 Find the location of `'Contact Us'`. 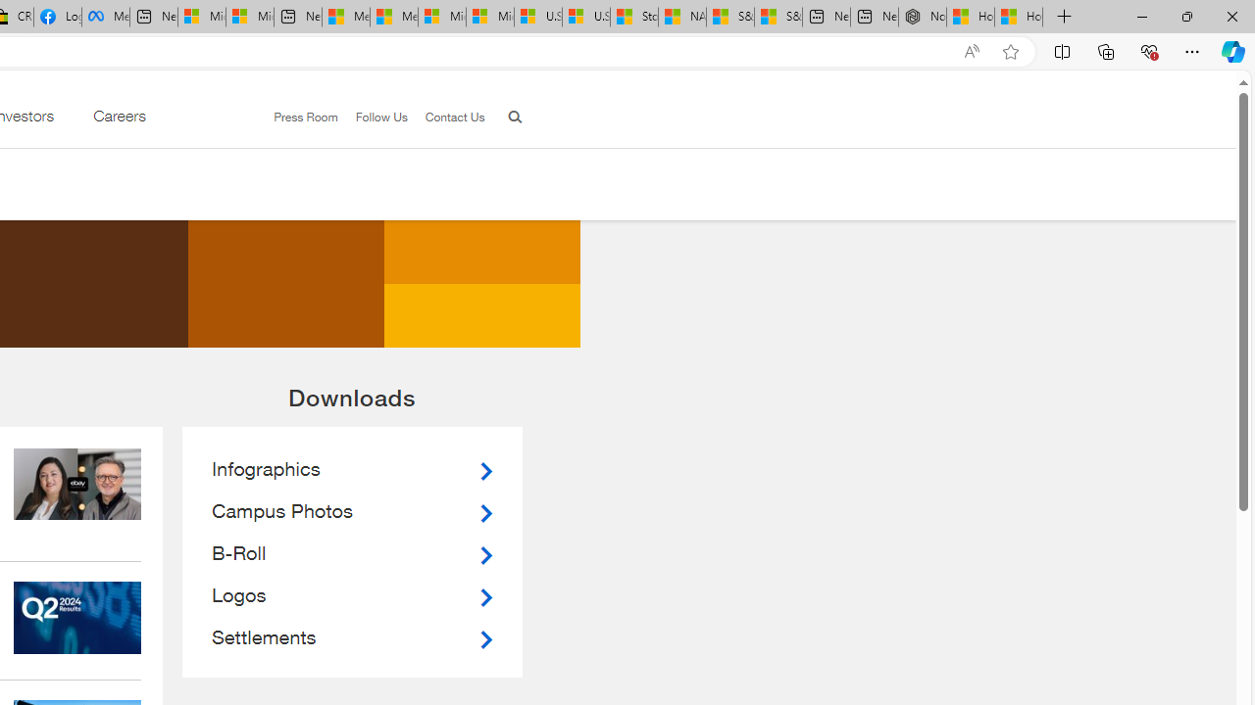

'Contact Us' is located at coordinates (454, 117).